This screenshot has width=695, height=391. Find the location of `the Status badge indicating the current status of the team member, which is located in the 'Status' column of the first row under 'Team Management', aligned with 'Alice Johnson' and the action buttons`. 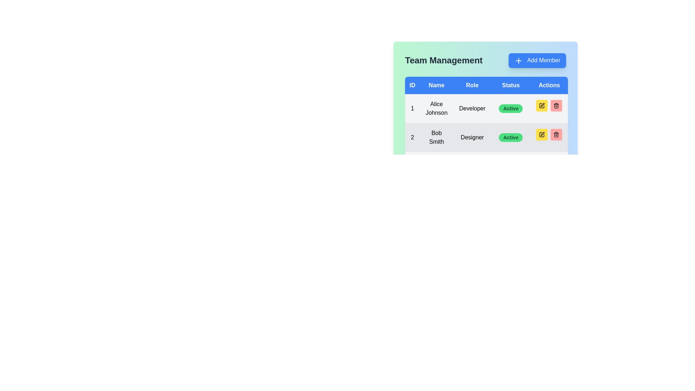

the Status badge indicating the current status of the team member, which is located in the 'Status' column of the first row under 'Team Management', aligned with 'Alice Johnson' and the action buttons is located at coordinates (510, 108).